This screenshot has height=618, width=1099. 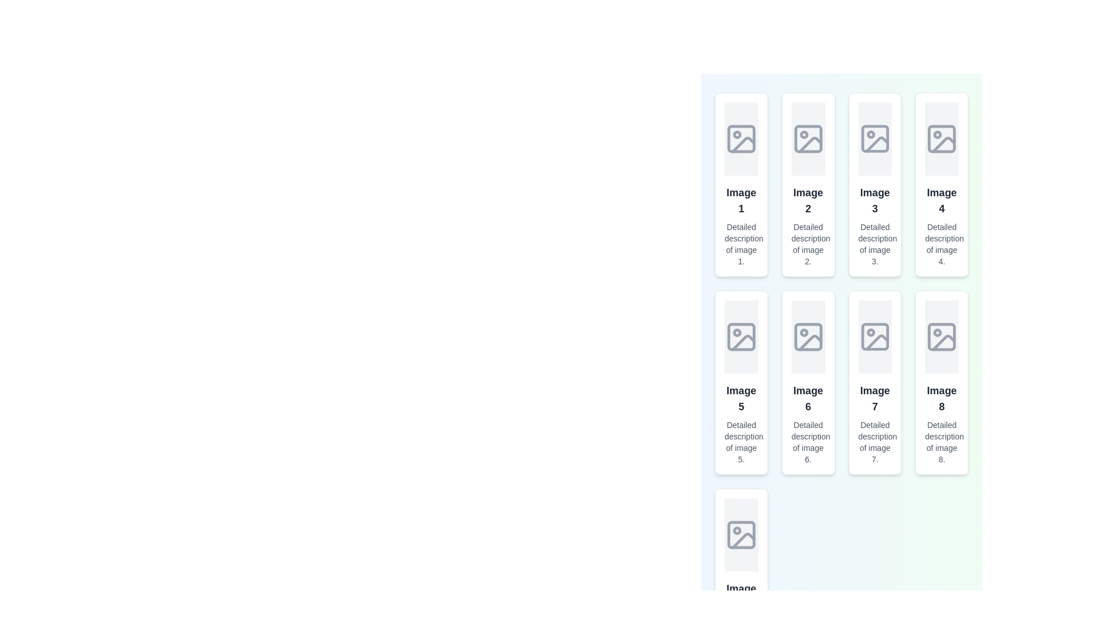 I want to click on the visual contribution of the image placeholder icon represented by a rounded rectangle with a small border-radius located in the fourth column of the top row of the grid layout, so click(x=942, y=138).